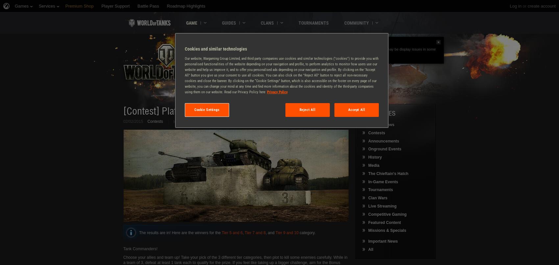 Image resolution: width=559 pixels, height=265 pixels. What do you see at coordinates (255, 232) in the screenshot?
I see `'Tier 7 and 8'` at bounding box center [255, 232].